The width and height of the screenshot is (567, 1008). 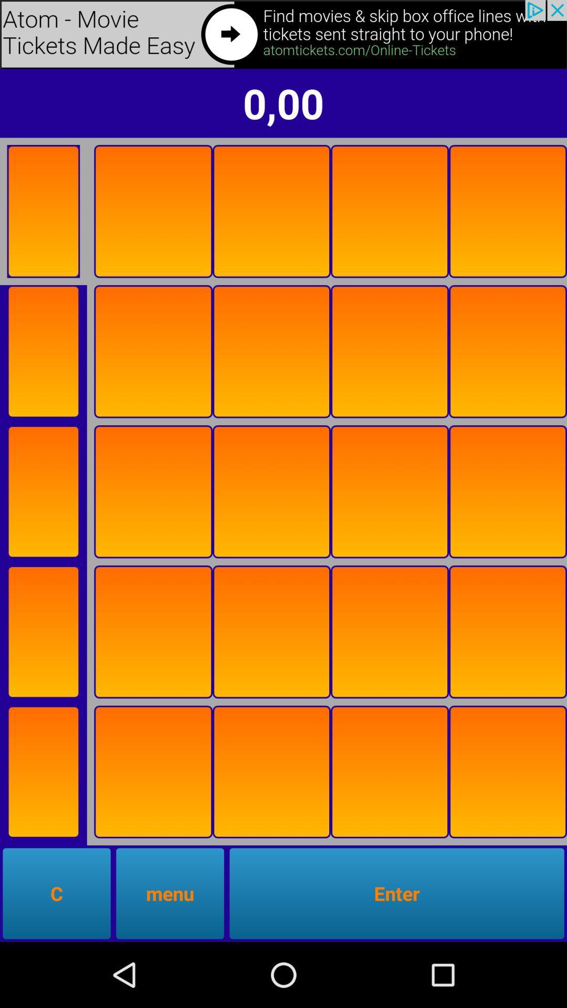 What do you see at coordinates (153, 491) in the screenshot?
I see `item` at bounding box center [153, 491].